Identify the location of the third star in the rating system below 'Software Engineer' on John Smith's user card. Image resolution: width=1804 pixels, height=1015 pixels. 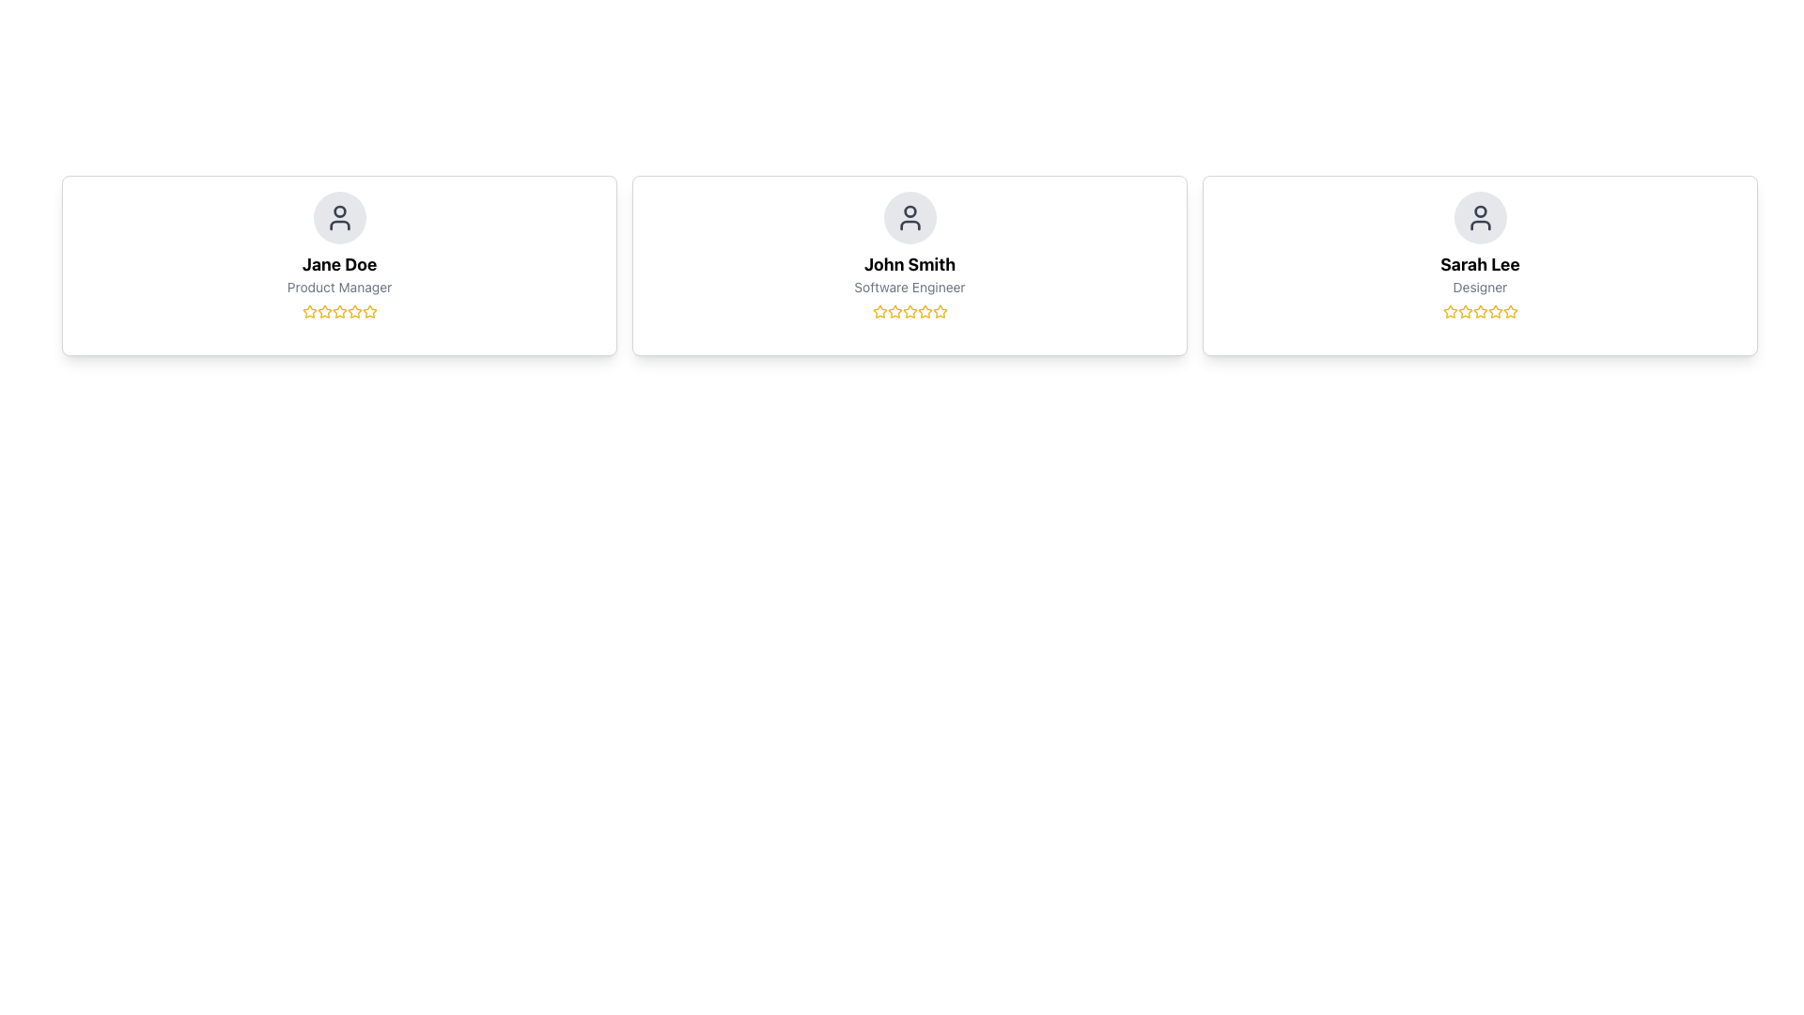
(910, 310).